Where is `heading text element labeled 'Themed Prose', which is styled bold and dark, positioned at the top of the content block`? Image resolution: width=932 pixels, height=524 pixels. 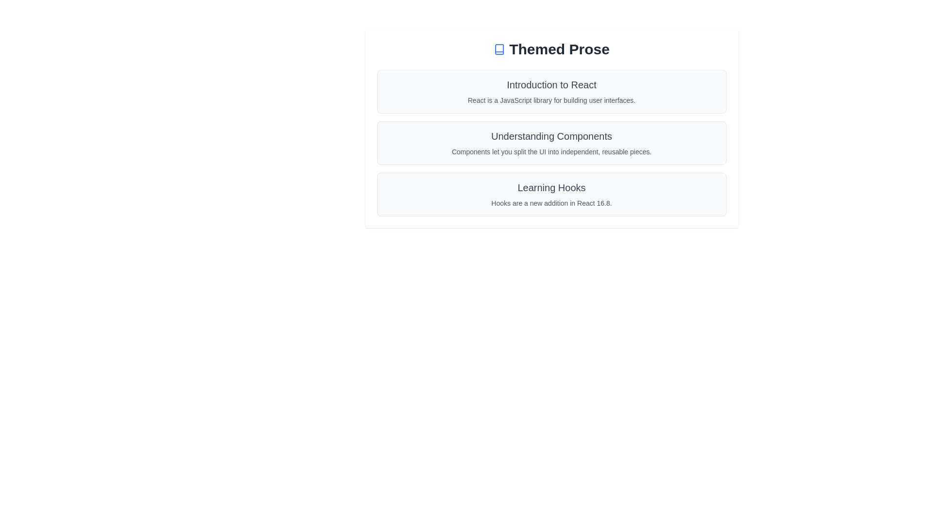
heading text element labeled 'Themed Prose', which is styled bold and dark, positioned at the top of the content block is located at coordinates (551, 49).